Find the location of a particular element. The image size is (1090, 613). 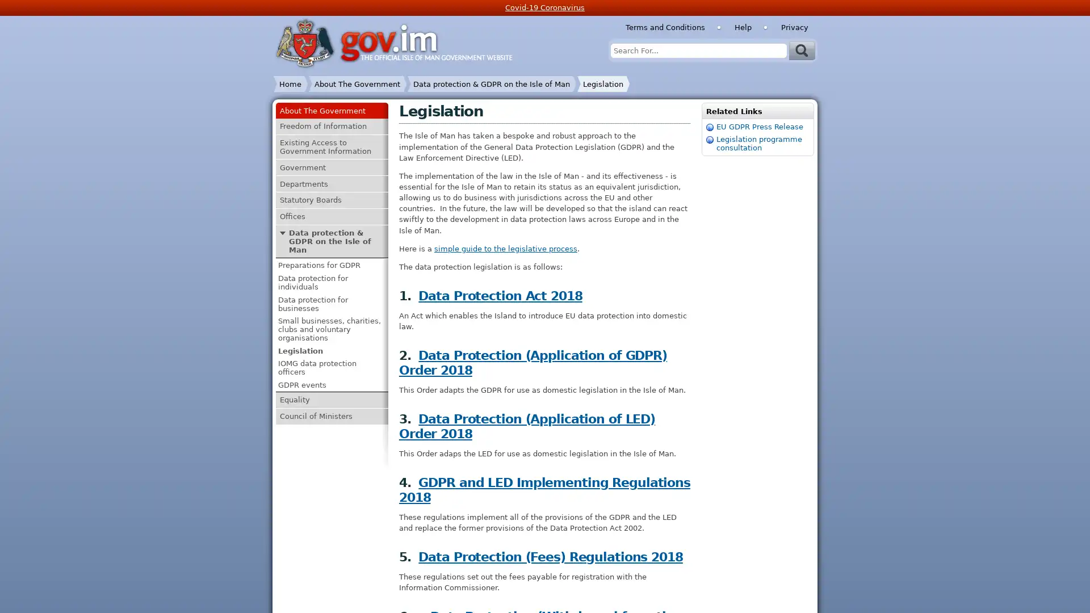

Search is located at coordinates (801, 49).